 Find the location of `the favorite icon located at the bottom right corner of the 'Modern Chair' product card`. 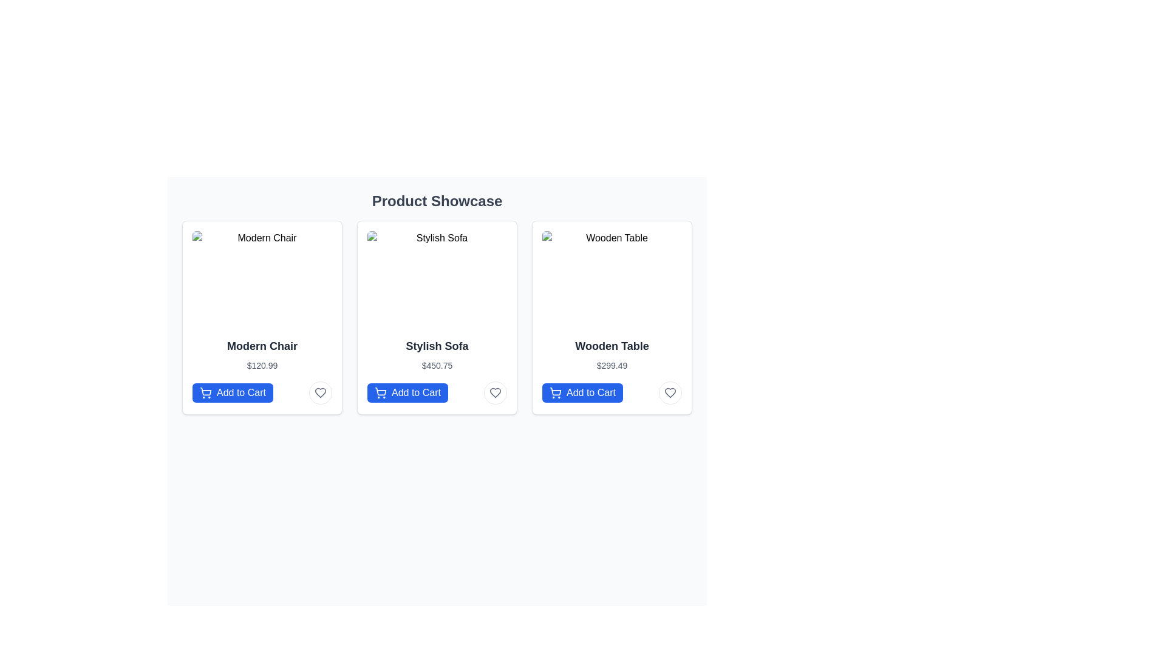

the favorite icon located at the bottom right corner of the 'Modern Chair' product card is located at coordinates (321, 393).